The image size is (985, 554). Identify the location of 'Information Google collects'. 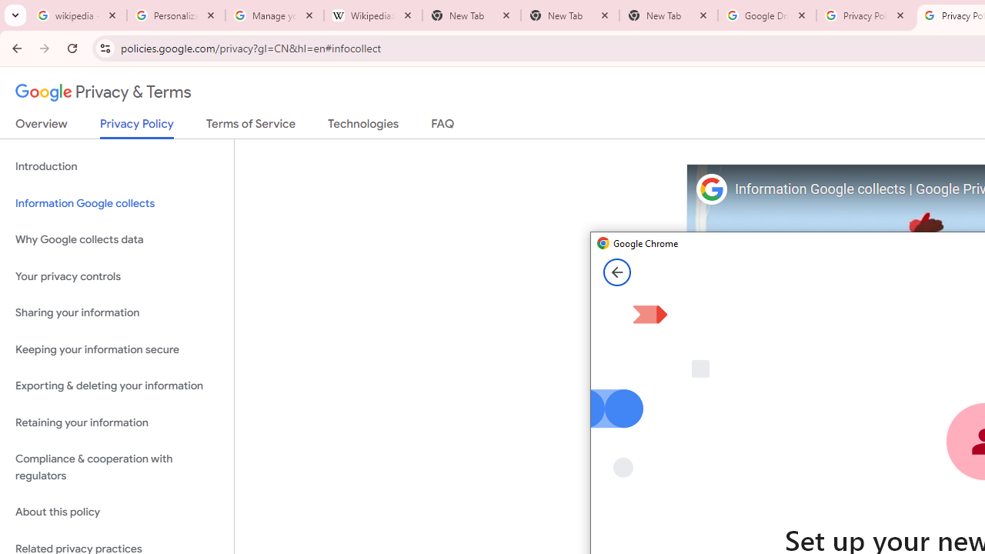
(116, 202).